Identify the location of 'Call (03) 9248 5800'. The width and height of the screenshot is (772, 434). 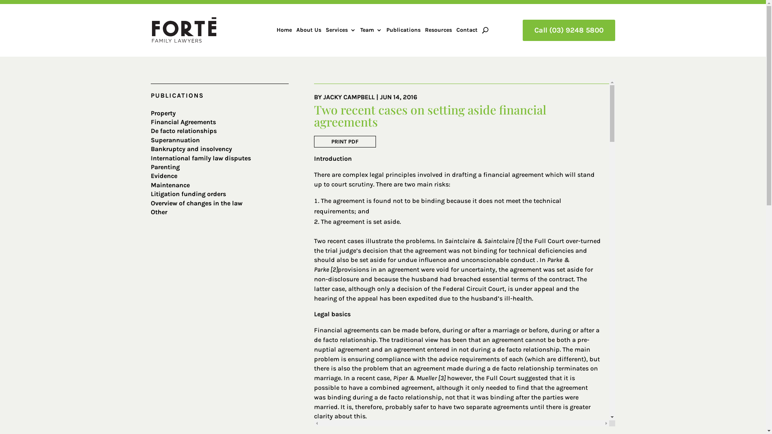
(523, 30).